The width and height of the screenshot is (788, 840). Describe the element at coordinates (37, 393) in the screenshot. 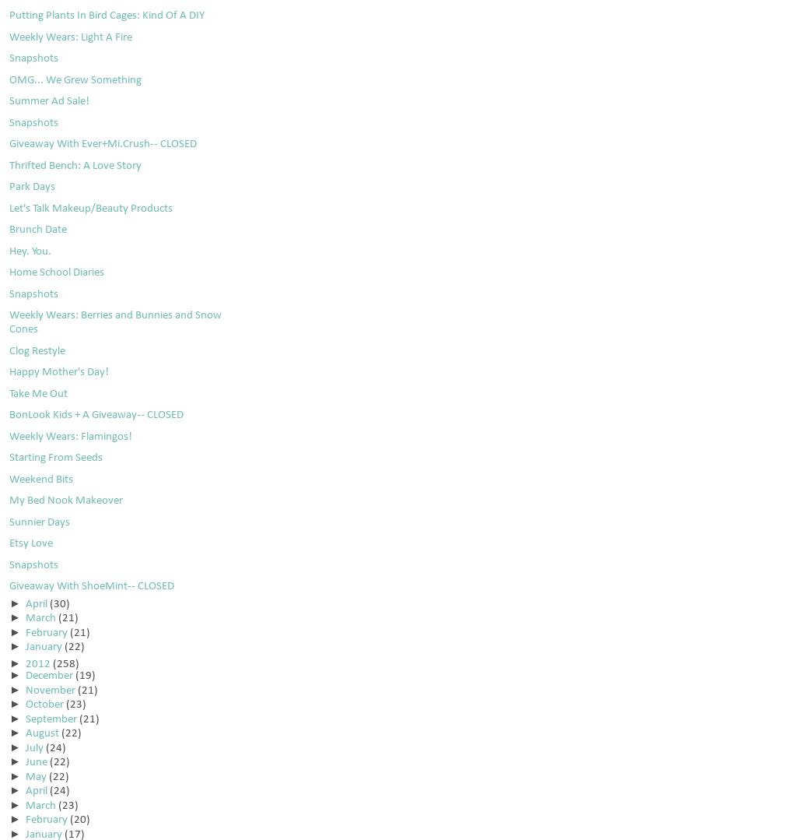

I see `'Take Me Out'` at that location.